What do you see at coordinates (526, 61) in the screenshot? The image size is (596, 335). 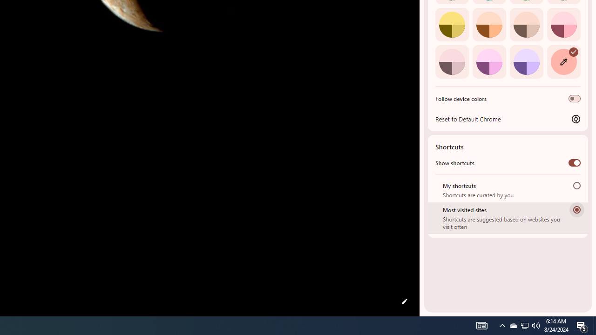 I see `'Violet'` at bounding box center [526, 61].